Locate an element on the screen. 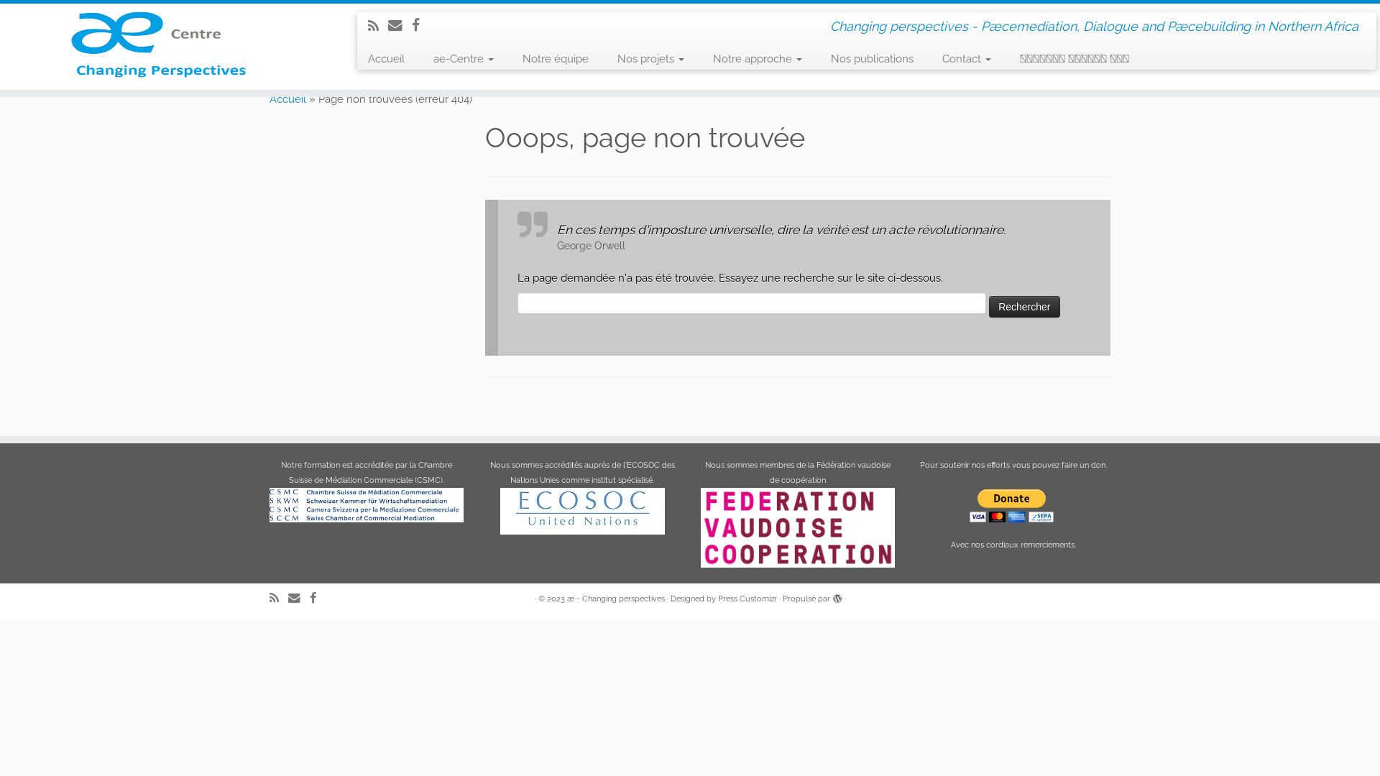  'Accueil' is located at coordinates (392, 57).